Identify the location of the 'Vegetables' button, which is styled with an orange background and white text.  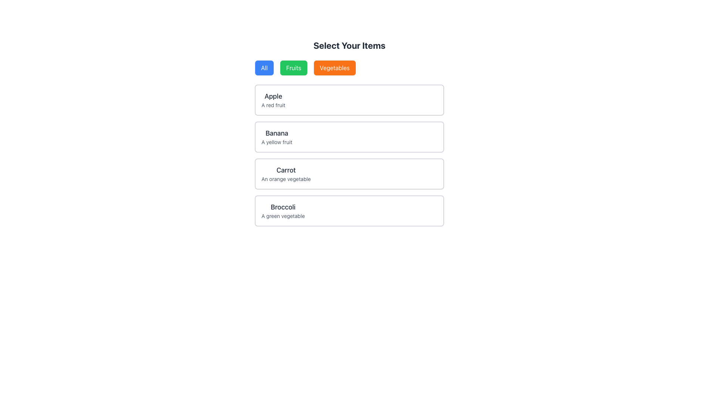
(334, 68).